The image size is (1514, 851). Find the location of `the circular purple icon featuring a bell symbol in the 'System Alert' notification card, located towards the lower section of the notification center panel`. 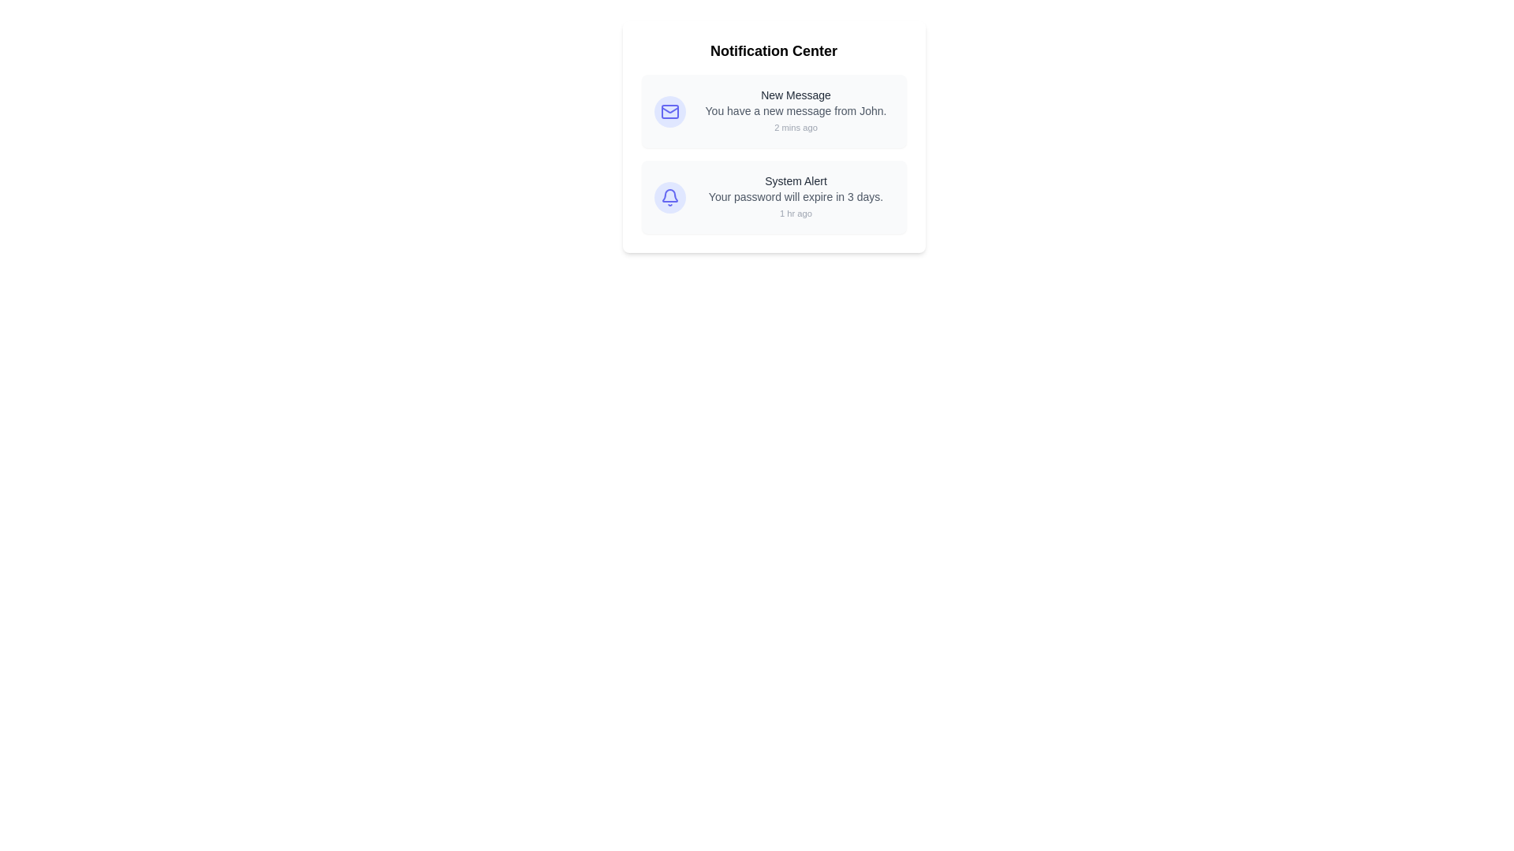

the circular purple icon featuring a bell symbol in the 'System Alert' notification card, located towards the lower section of the notification center panel is located at coordinates (669, 196).